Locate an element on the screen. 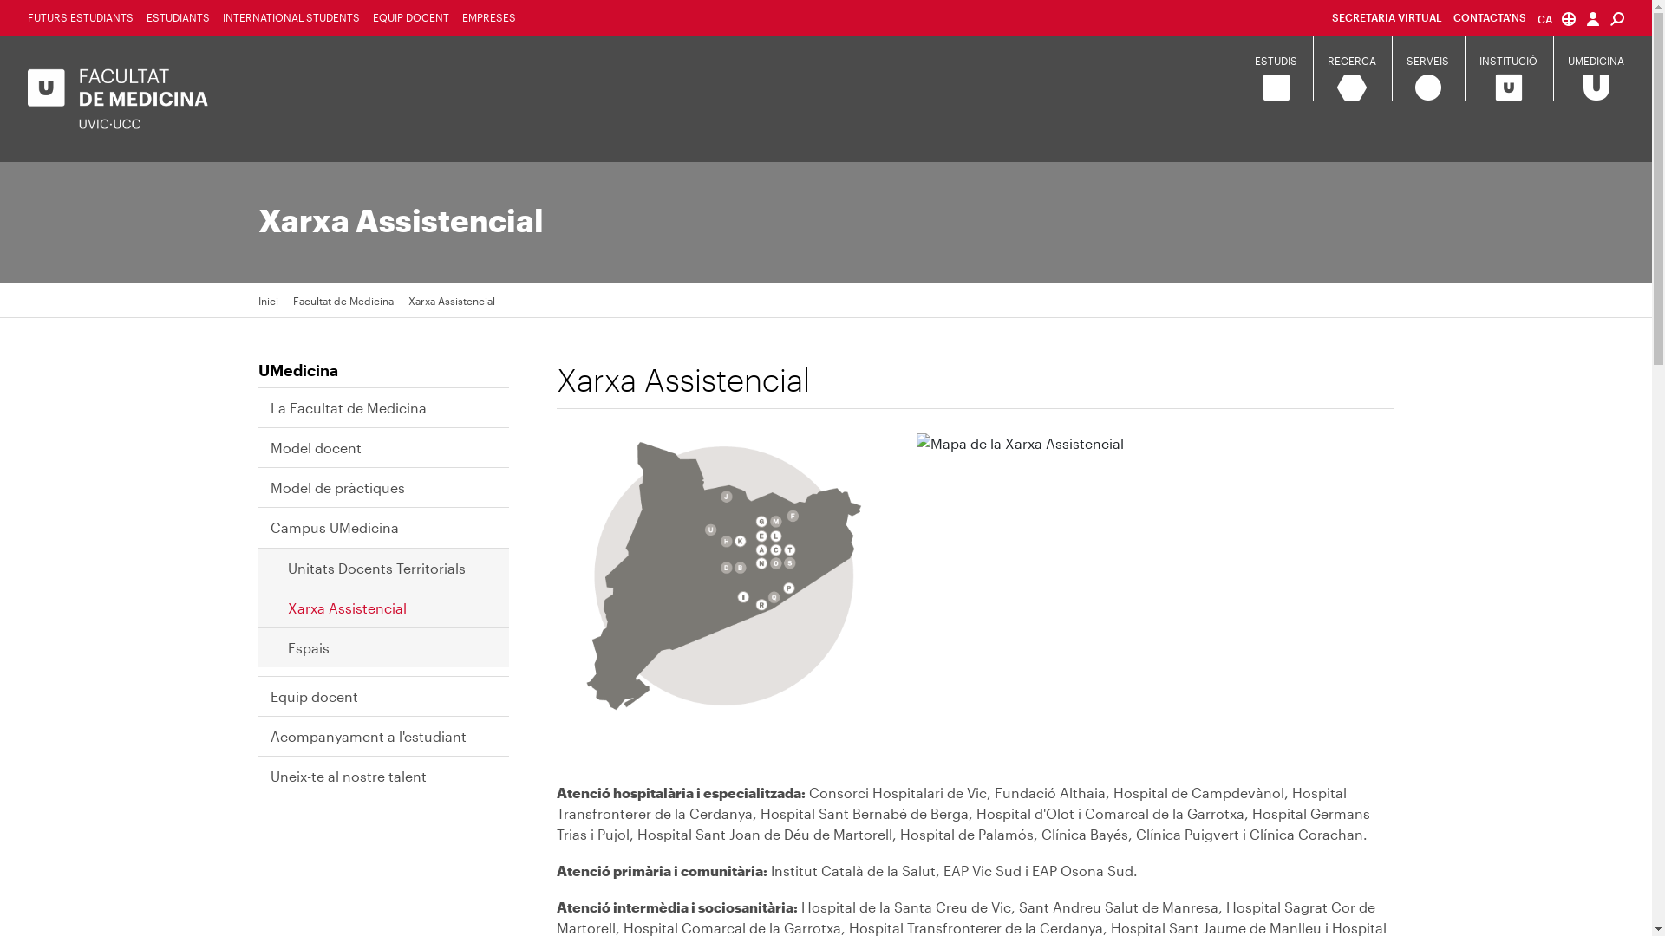 The height and width of the screenshot is (936, 1665). 'SERVEIS' is located at coordinates (1427, 60).